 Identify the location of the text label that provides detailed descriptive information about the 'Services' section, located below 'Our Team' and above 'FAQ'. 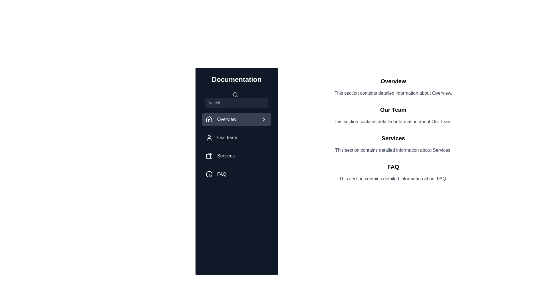
(393, 150).